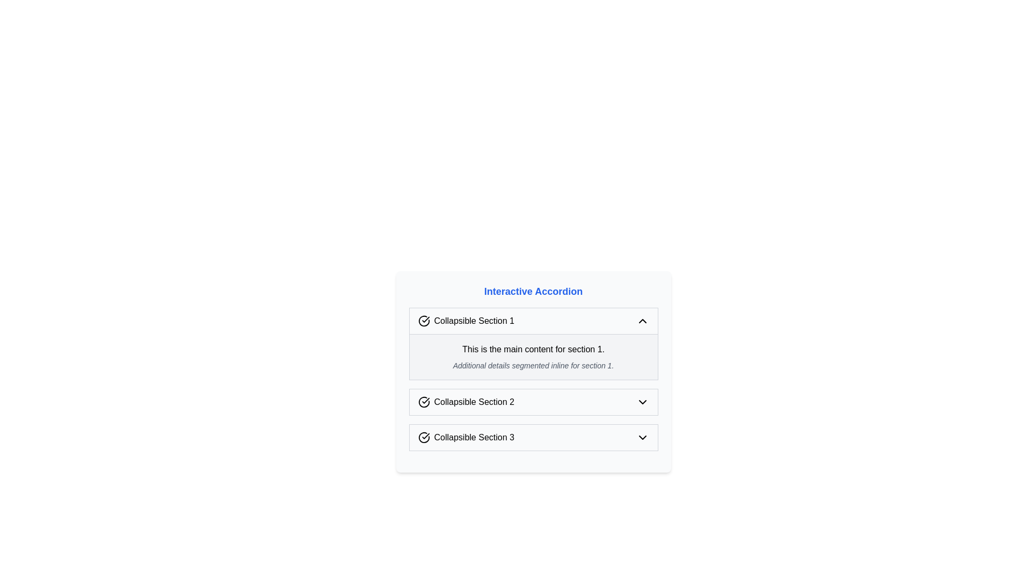 The image size is (1031, 580). What do you see at coordinates (466, 402) in the screenshot?
I see `the Text Label with Icon that serves as a title and trigger for the second collapsible section to navigate` at bounding box center [466, 402].